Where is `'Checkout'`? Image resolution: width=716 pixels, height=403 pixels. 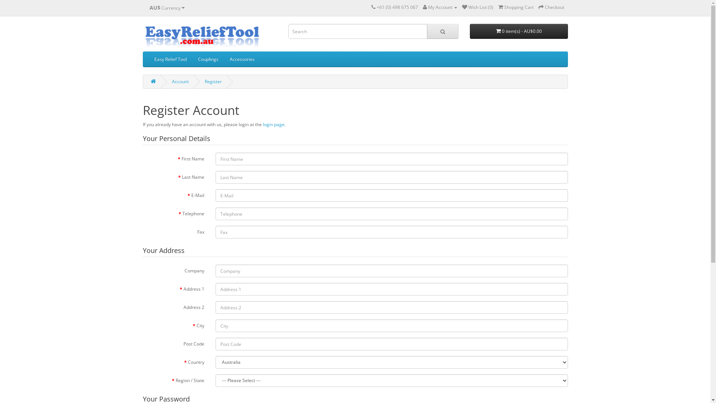
'Checkout' is located at coordinates (551, 7).